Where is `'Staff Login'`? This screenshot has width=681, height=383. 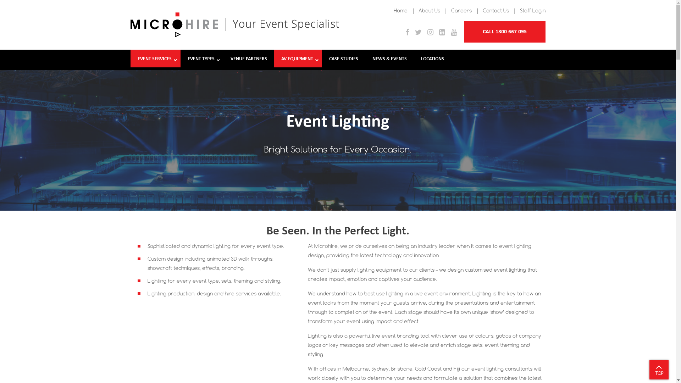
'Staff Login' is located at coordinates (533, 10).